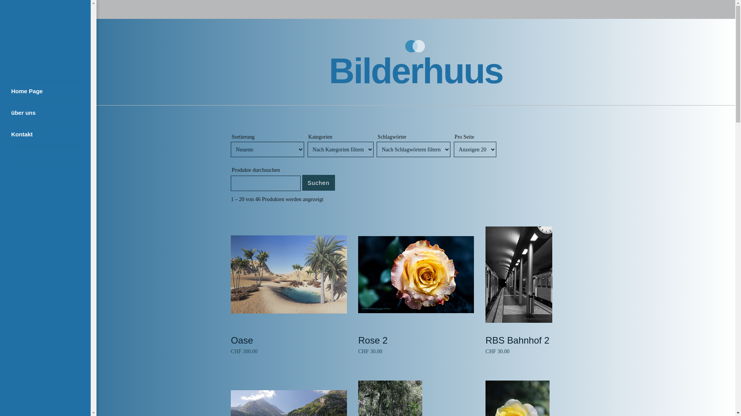 The height and width of the screenshot is (416, 741). What do you see at coordinates (415, 71) in the screenshot?
I see `'Bilderhuus'` at bounding box center [415, 71].